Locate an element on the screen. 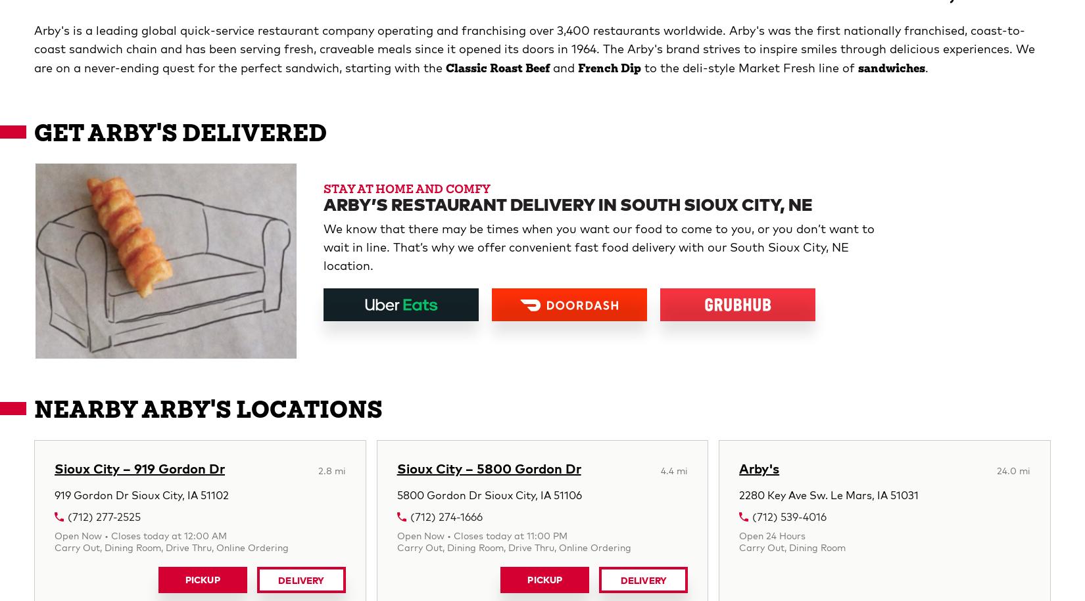  'Stay in touch' is located at coordinates (618, 573).